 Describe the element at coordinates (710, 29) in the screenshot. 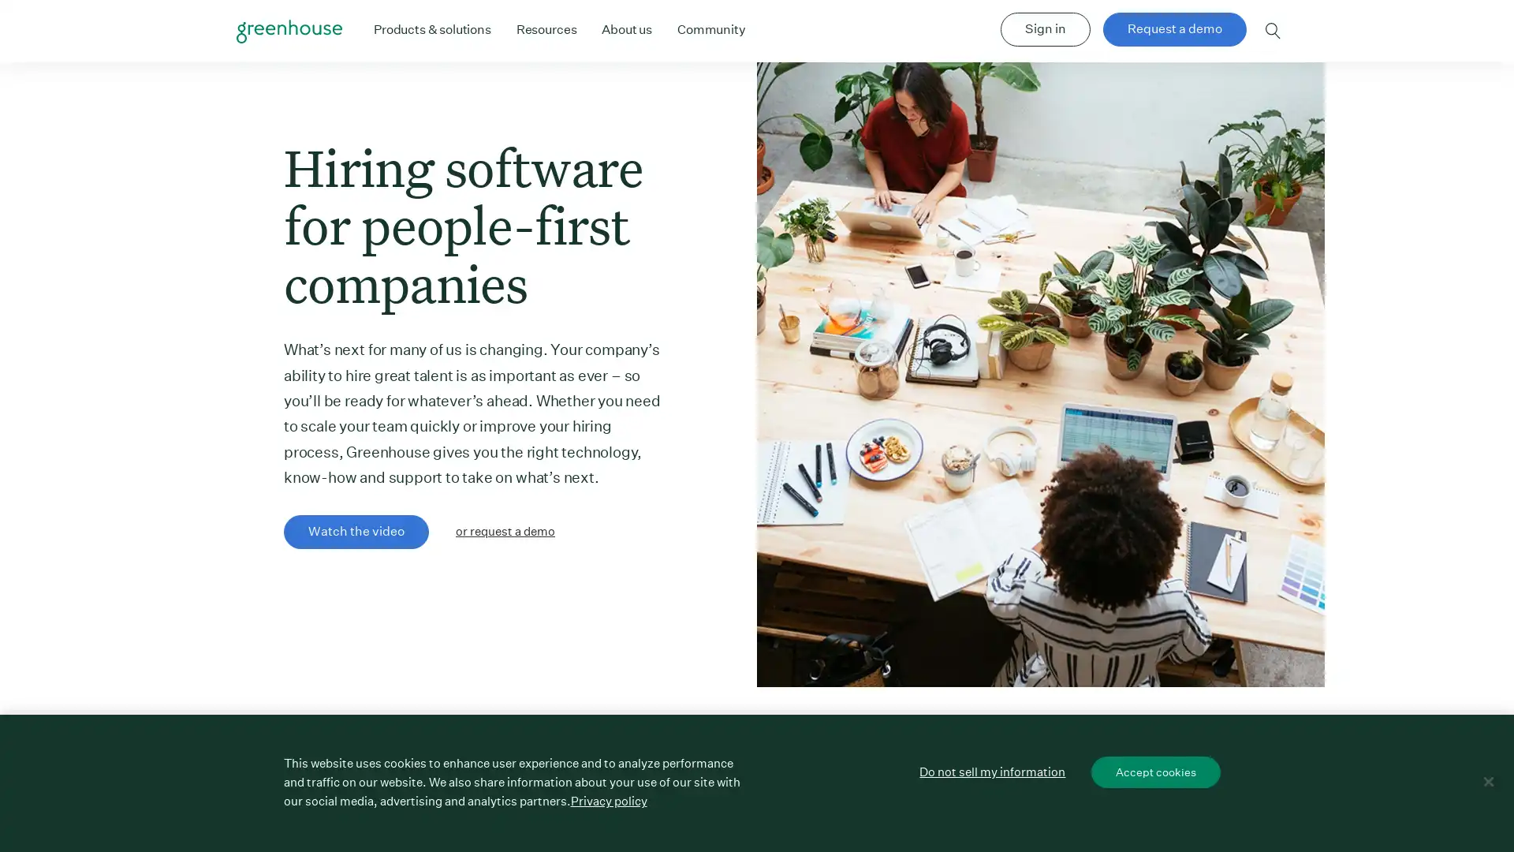

I see `Open menu for Community` at that location.